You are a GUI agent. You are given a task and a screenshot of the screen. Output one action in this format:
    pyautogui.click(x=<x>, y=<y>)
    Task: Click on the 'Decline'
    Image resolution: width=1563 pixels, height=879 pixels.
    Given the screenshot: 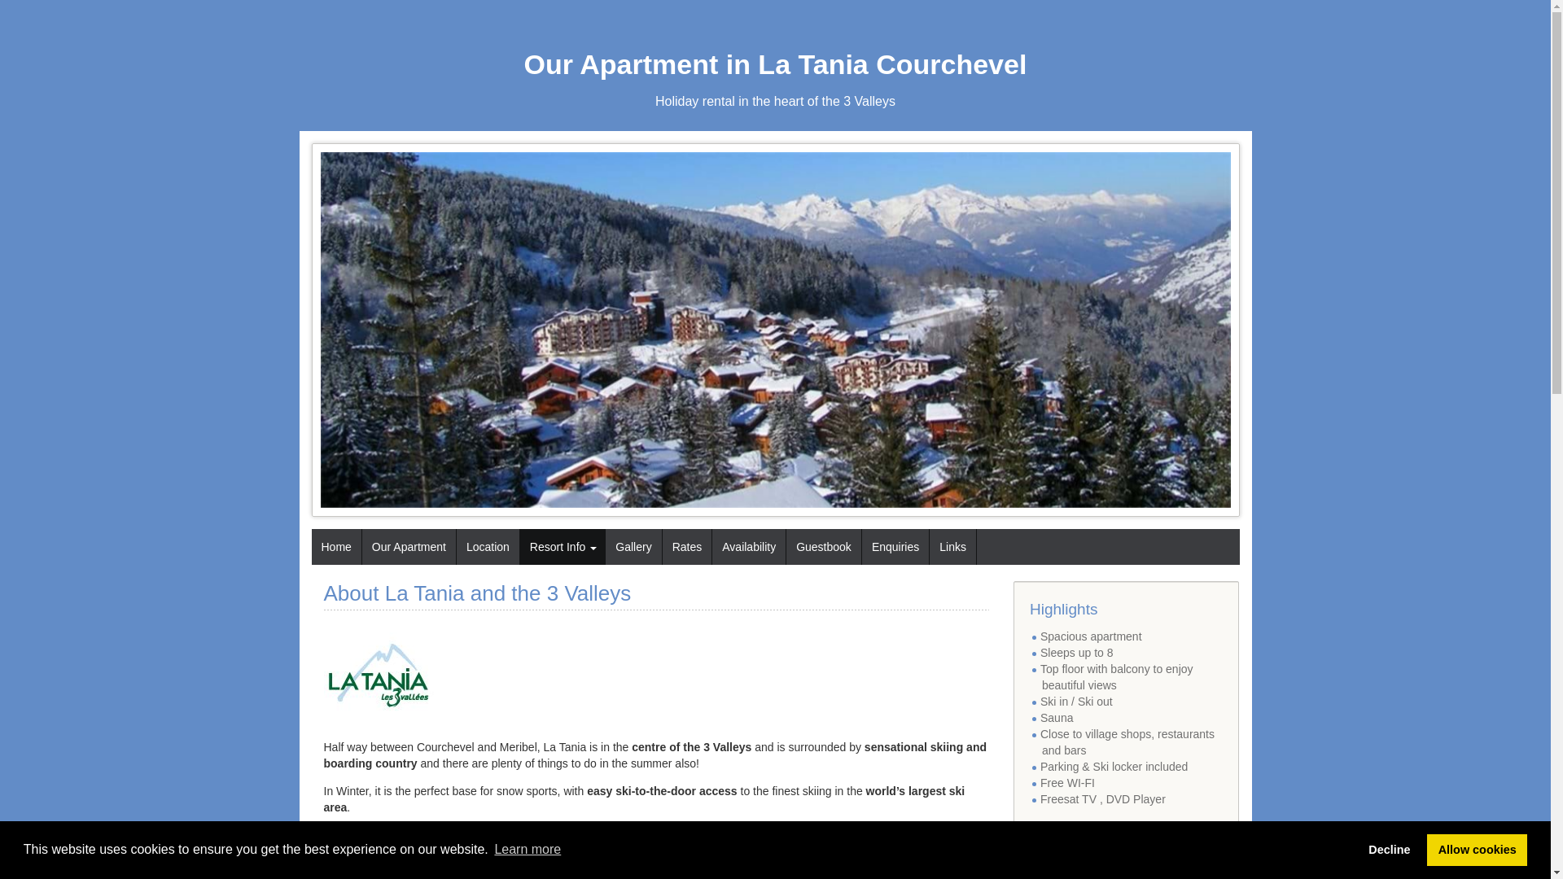 What is the action you would take?
    pyautogui.click(x=1389, y=849)
    